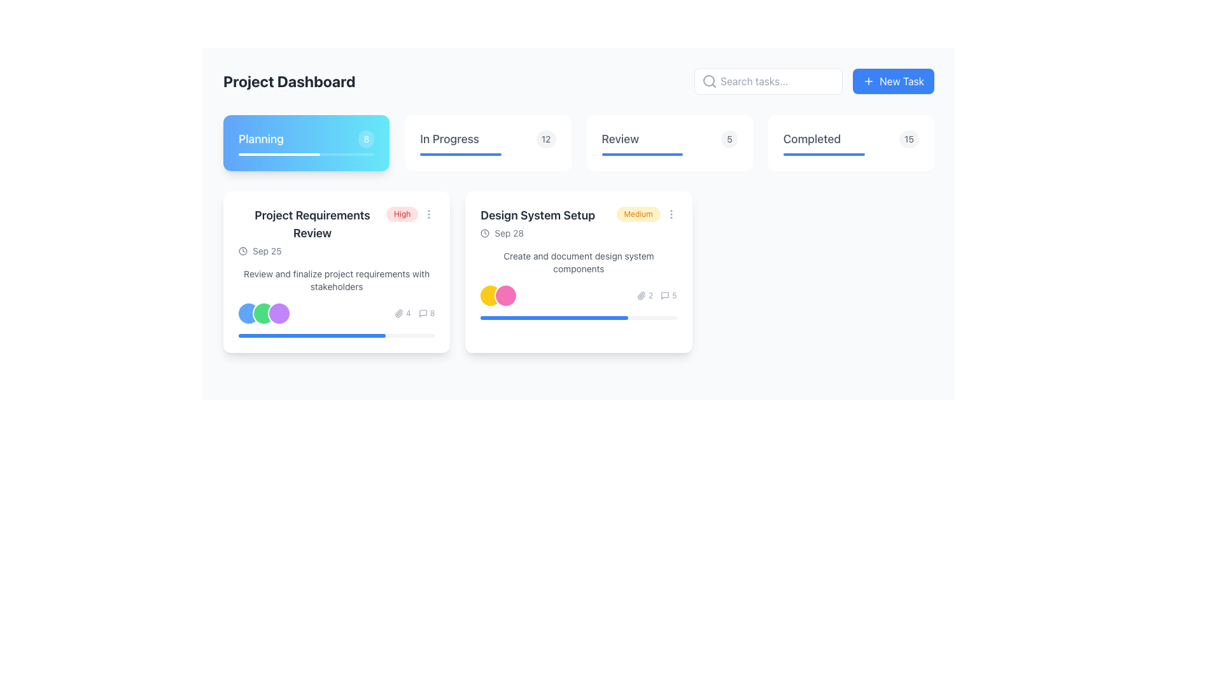 This screenshot has width=1222, height=687. Describe the element at coordinates (901, 81) in the screenshot. I see `the text label within the 'New Task' button` at that location.